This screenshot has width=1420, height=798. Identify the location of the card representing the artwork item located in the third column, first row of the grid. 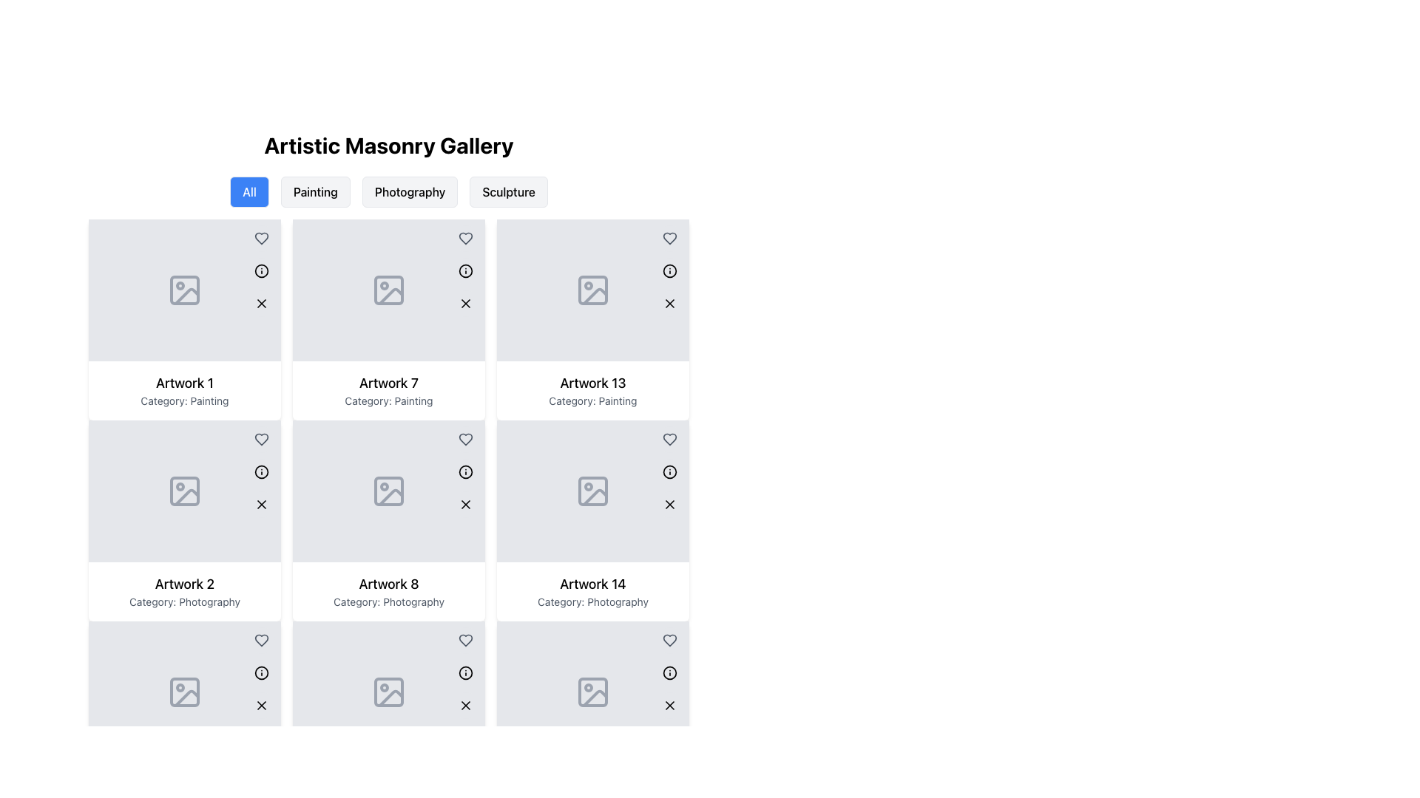
(592, 318).